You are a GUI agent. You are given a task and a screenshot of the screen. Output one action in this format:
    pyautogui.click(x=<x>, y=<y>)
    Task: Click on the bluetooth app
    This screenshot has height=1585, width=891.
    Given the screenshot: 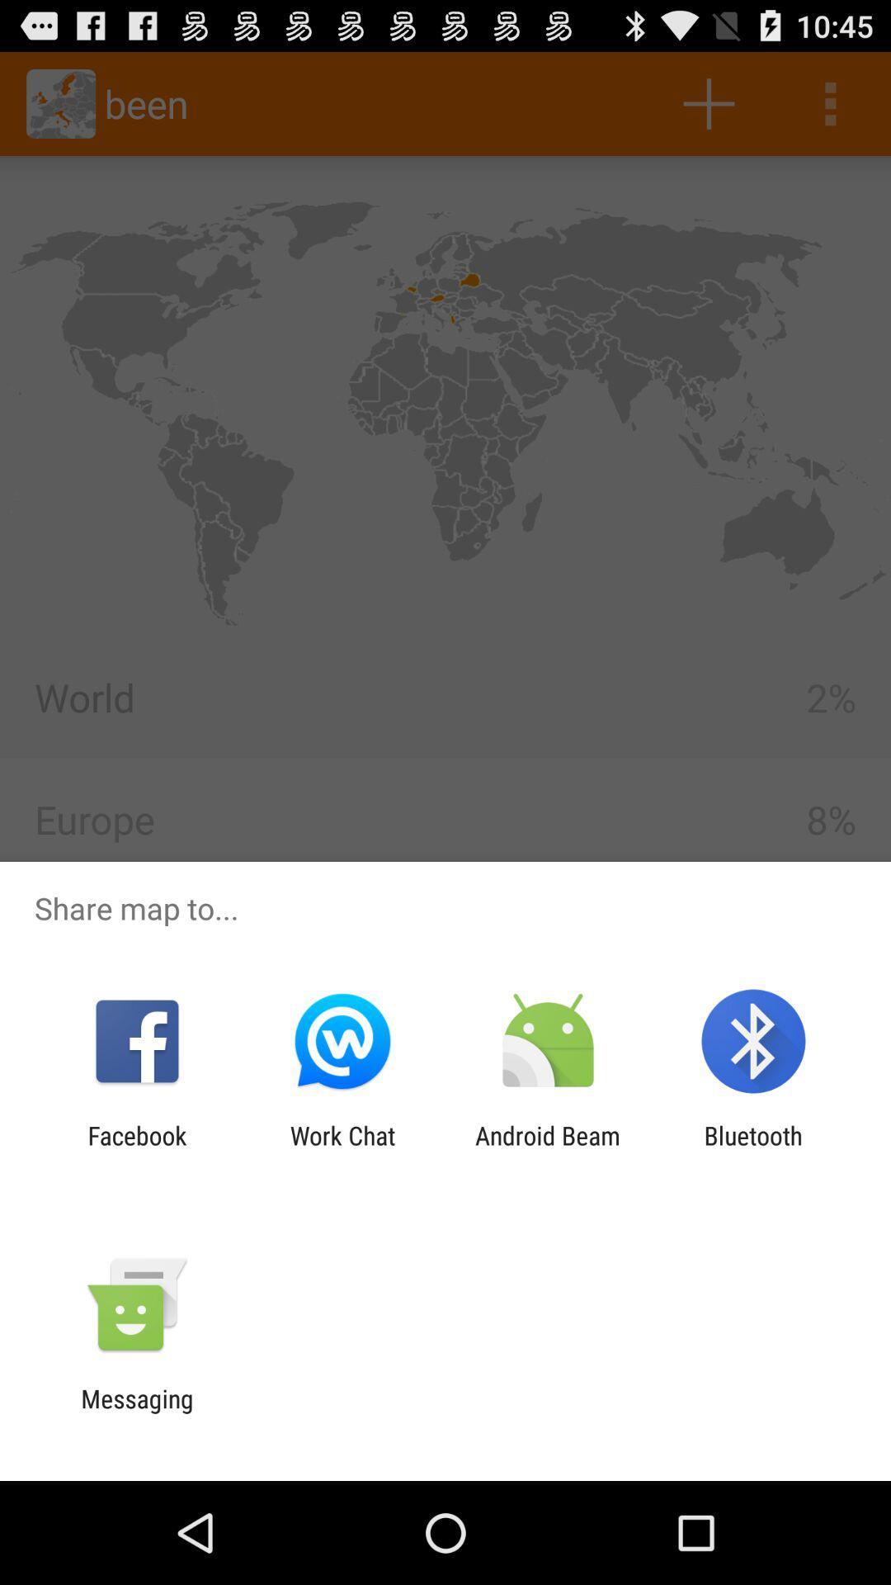 What is the action you would take?
    pyautogui.click(x=753, y=1149)
    